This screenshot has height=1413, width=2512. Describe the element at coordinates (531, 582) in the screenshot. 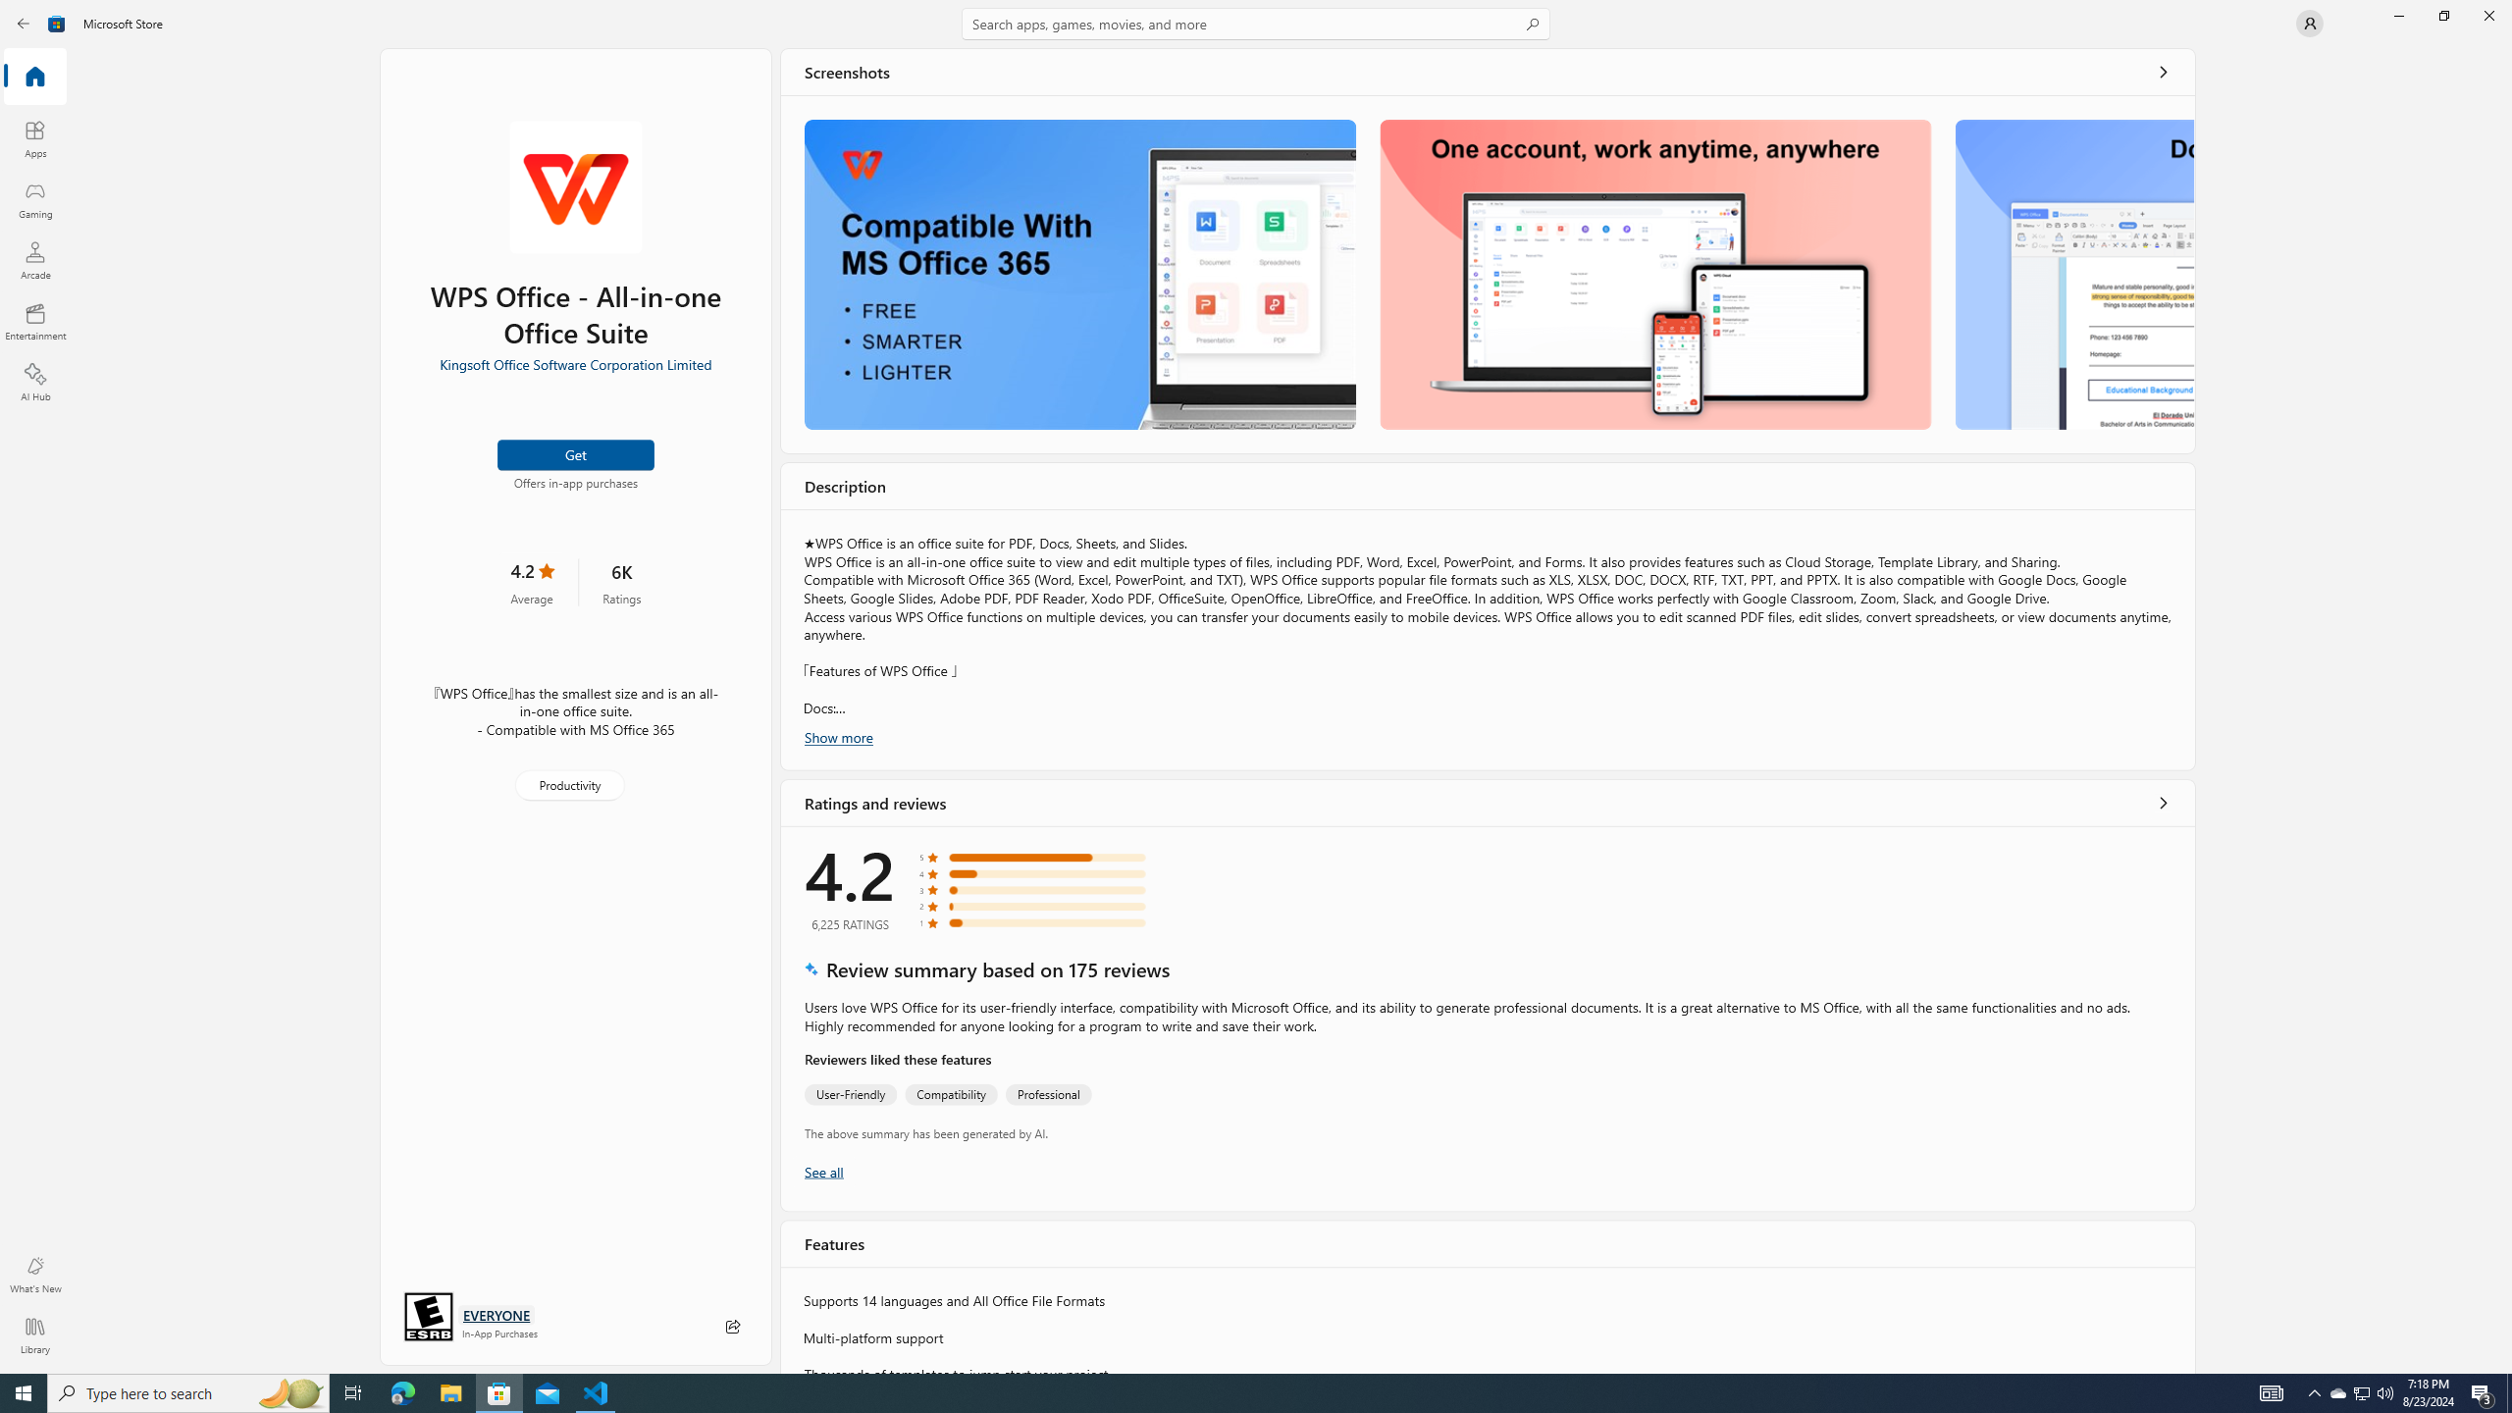

I see `'4.2 stars. Click to skip to ratings and reviews'` at that location.